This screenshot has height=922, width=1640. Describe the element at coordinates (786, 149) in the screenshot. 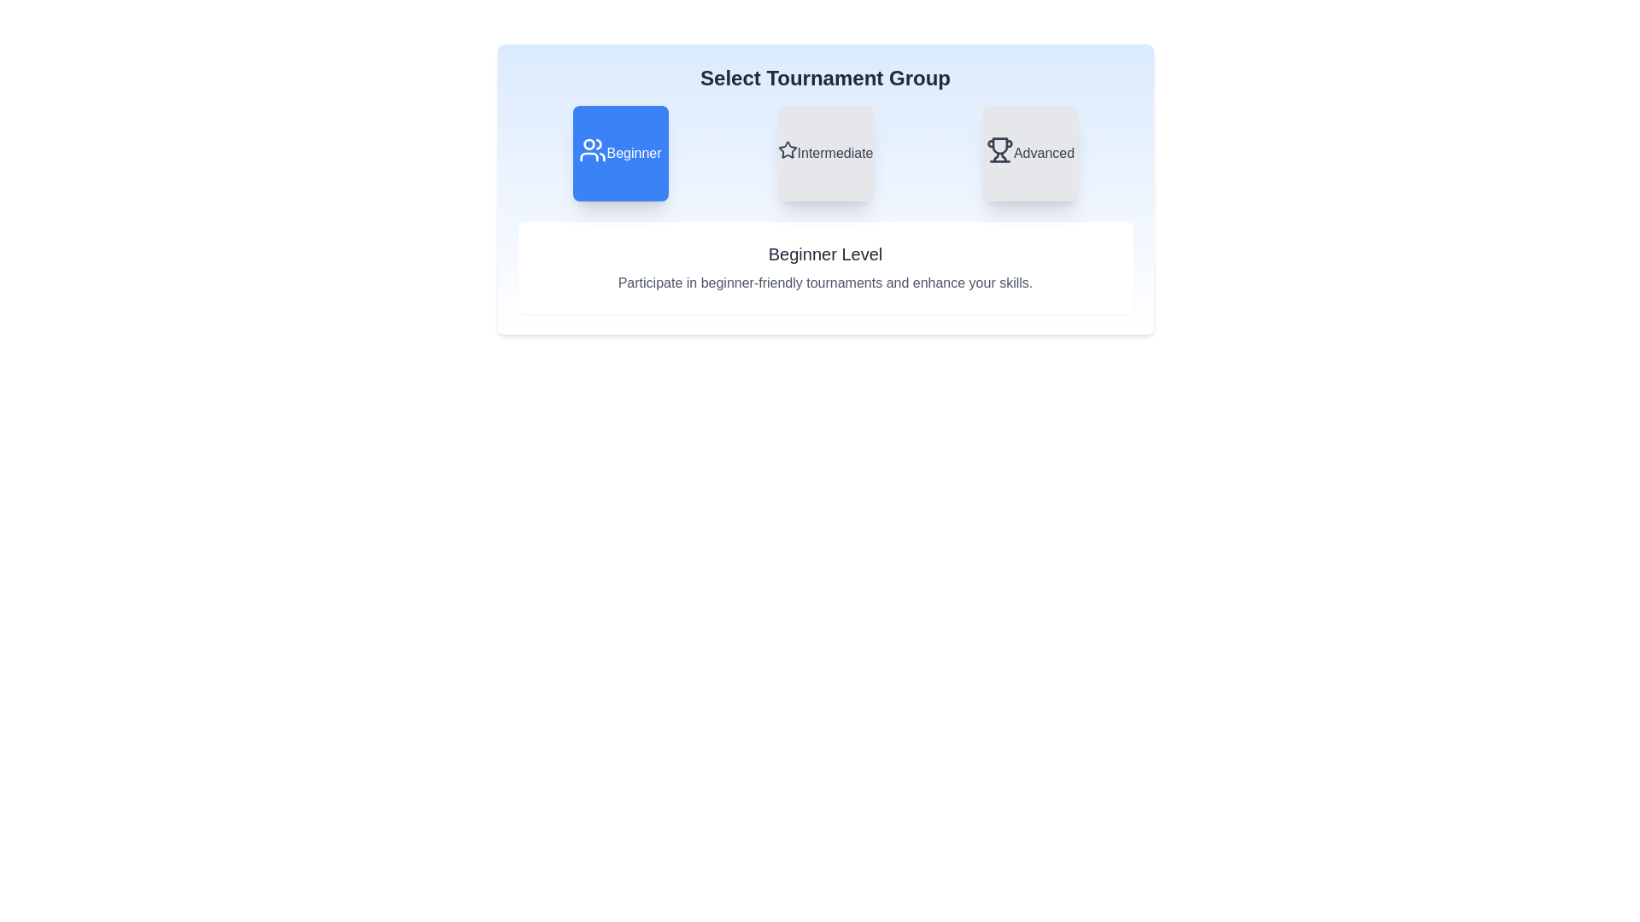

I see `the star icon that symbolizes the 'Intermediate' level, centrally placed between the 'Beginner' and 'Advanced' cards` at that location.